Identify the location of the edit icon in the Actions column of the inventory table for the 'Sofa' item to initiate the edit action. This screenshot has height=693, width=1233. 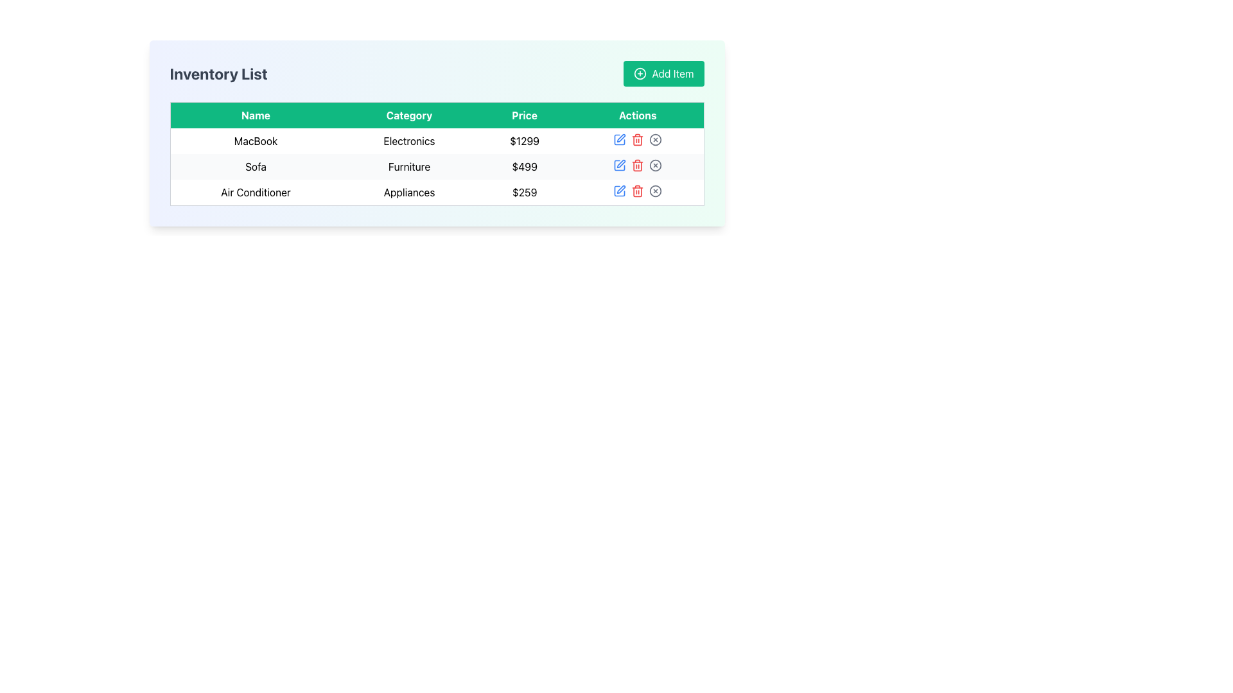
(621, 163).